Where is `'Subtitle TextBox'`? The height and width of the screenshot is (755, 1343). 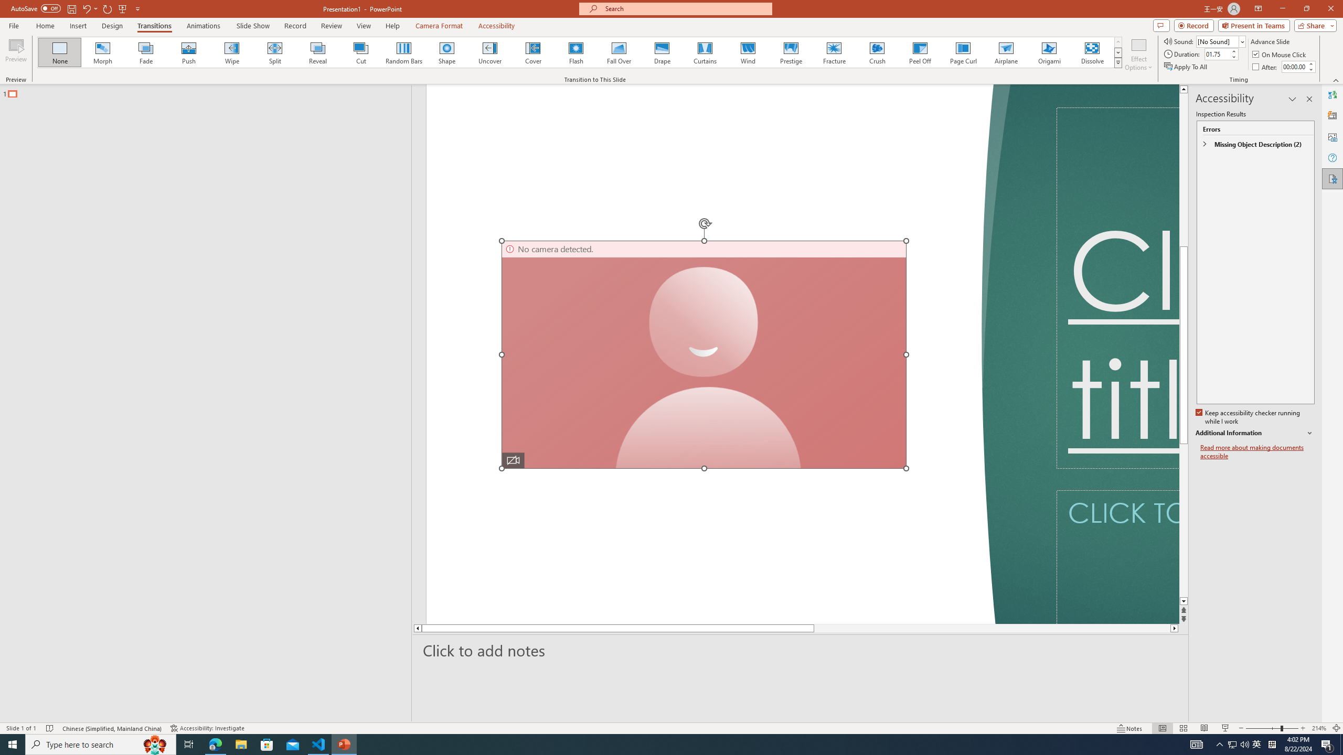
'Subtitle TextBox' is located at coordinates (1118, 556).